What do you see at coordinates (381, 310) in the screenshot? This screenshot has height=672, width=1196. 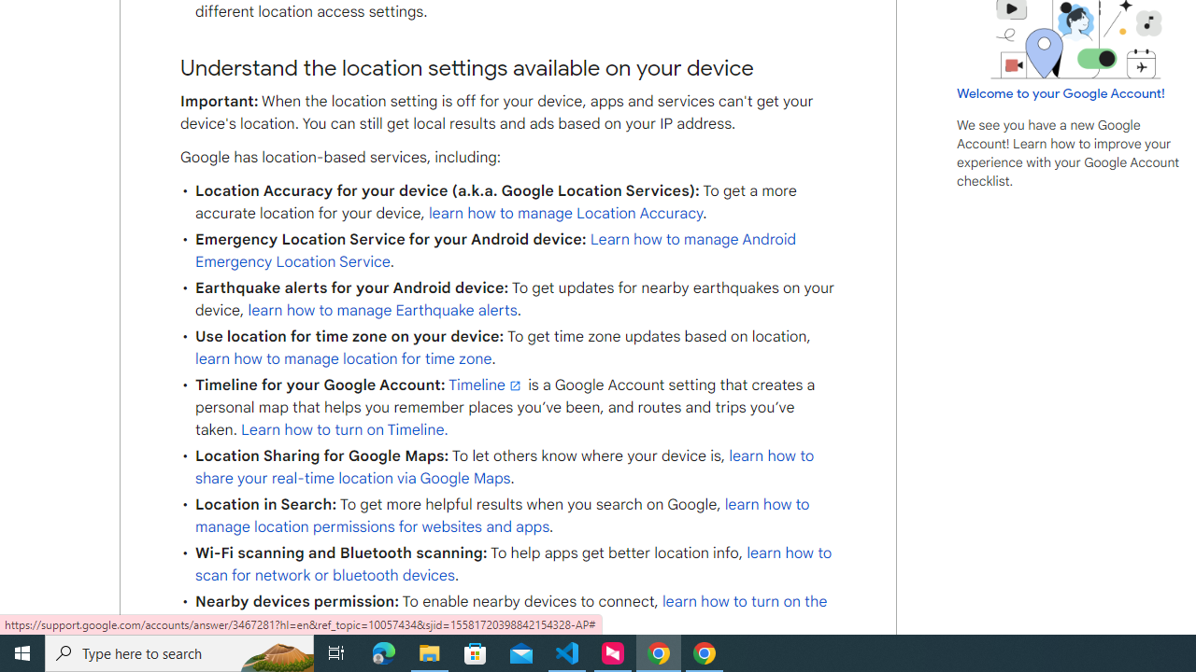 I see `'learn how to manage Earthquake alerts'` at bounding box center [381, 310].